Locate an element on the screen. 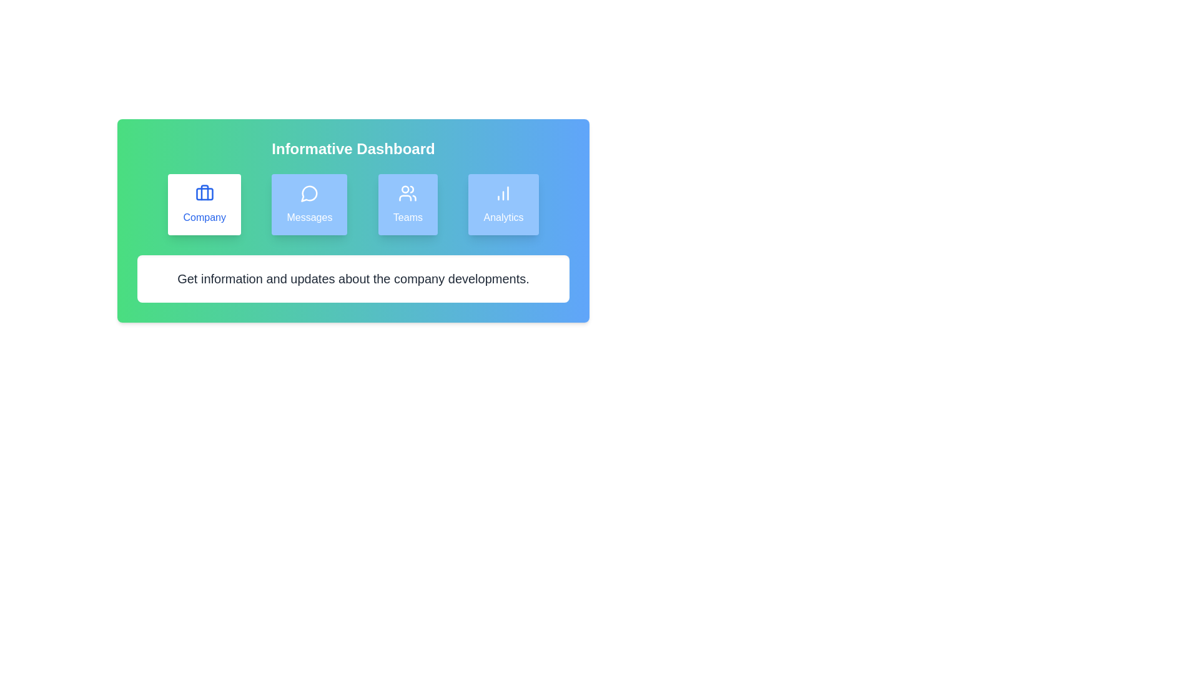  the lower compartment represented by the rounded rectangular SVG shape within the briefcase icon, which is the first icon on the dashboard is located at coordinates (204, 194).